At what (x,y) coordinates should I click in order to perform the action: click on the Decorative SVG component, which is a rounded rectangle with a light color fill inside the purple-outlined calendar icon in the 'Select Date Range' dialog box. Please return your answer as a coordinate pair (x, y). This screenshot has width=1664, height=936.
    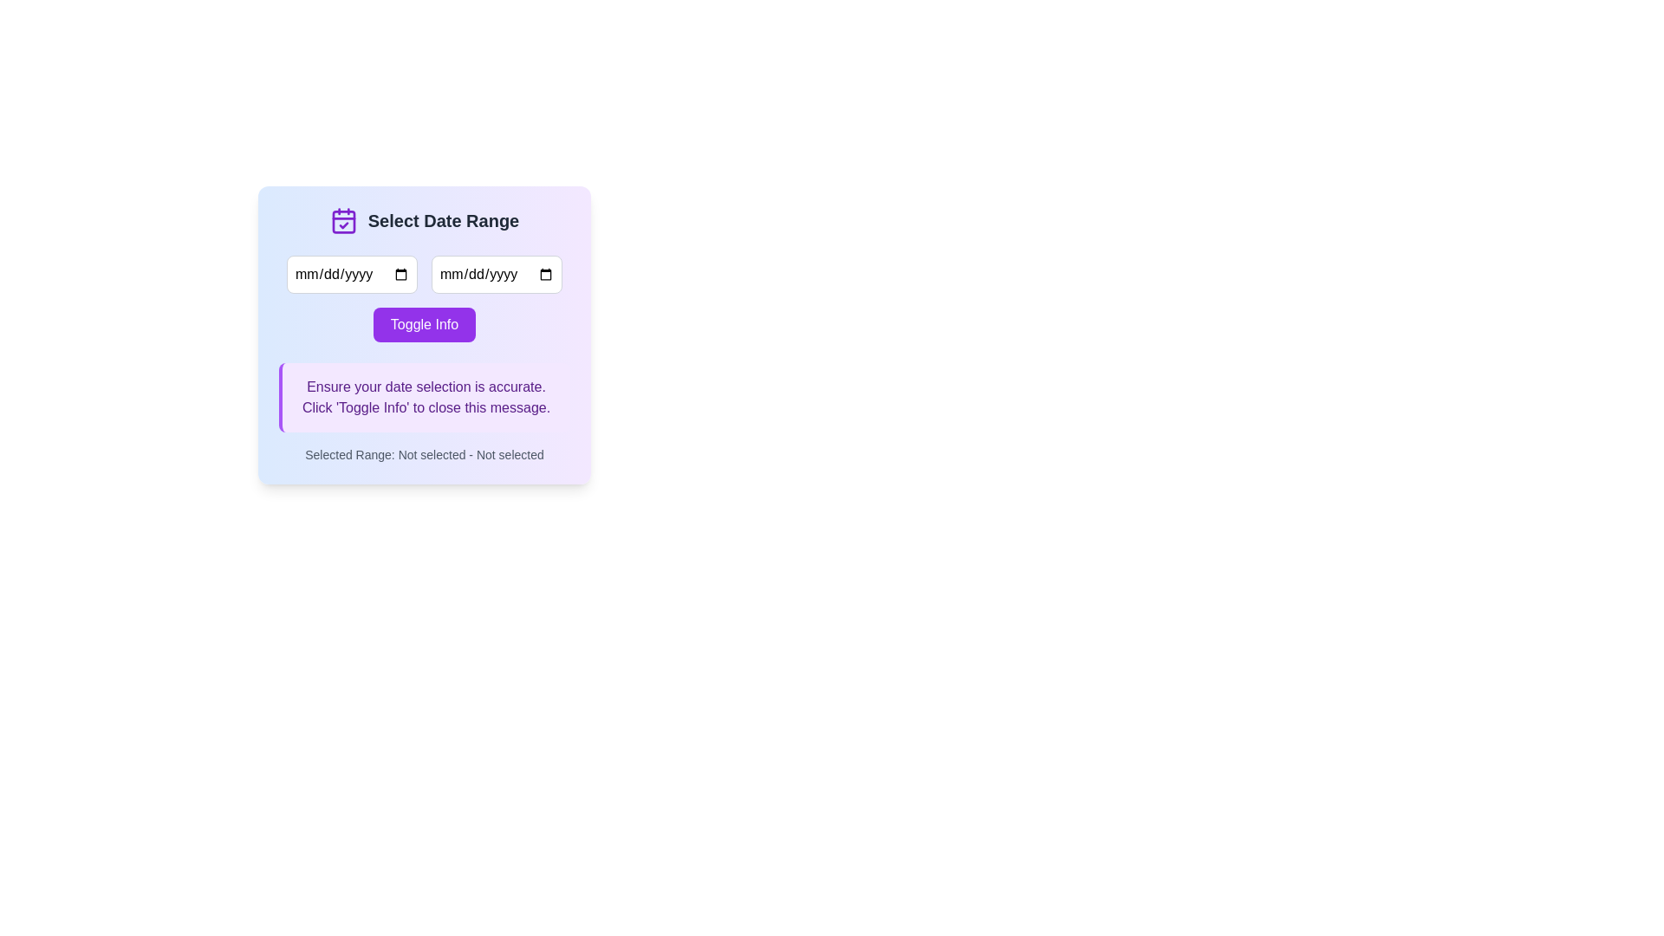
    Looking at the image, I should click on (343, 221).